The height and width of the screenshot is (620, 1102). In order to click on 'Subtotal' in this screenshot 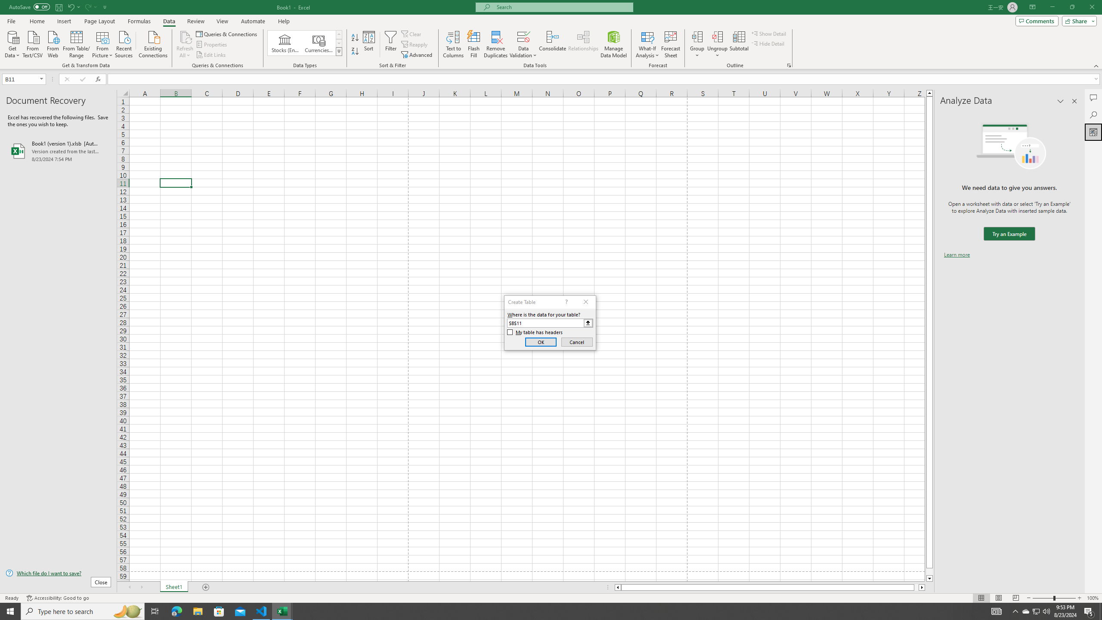, I will do `click(739, 44)`.